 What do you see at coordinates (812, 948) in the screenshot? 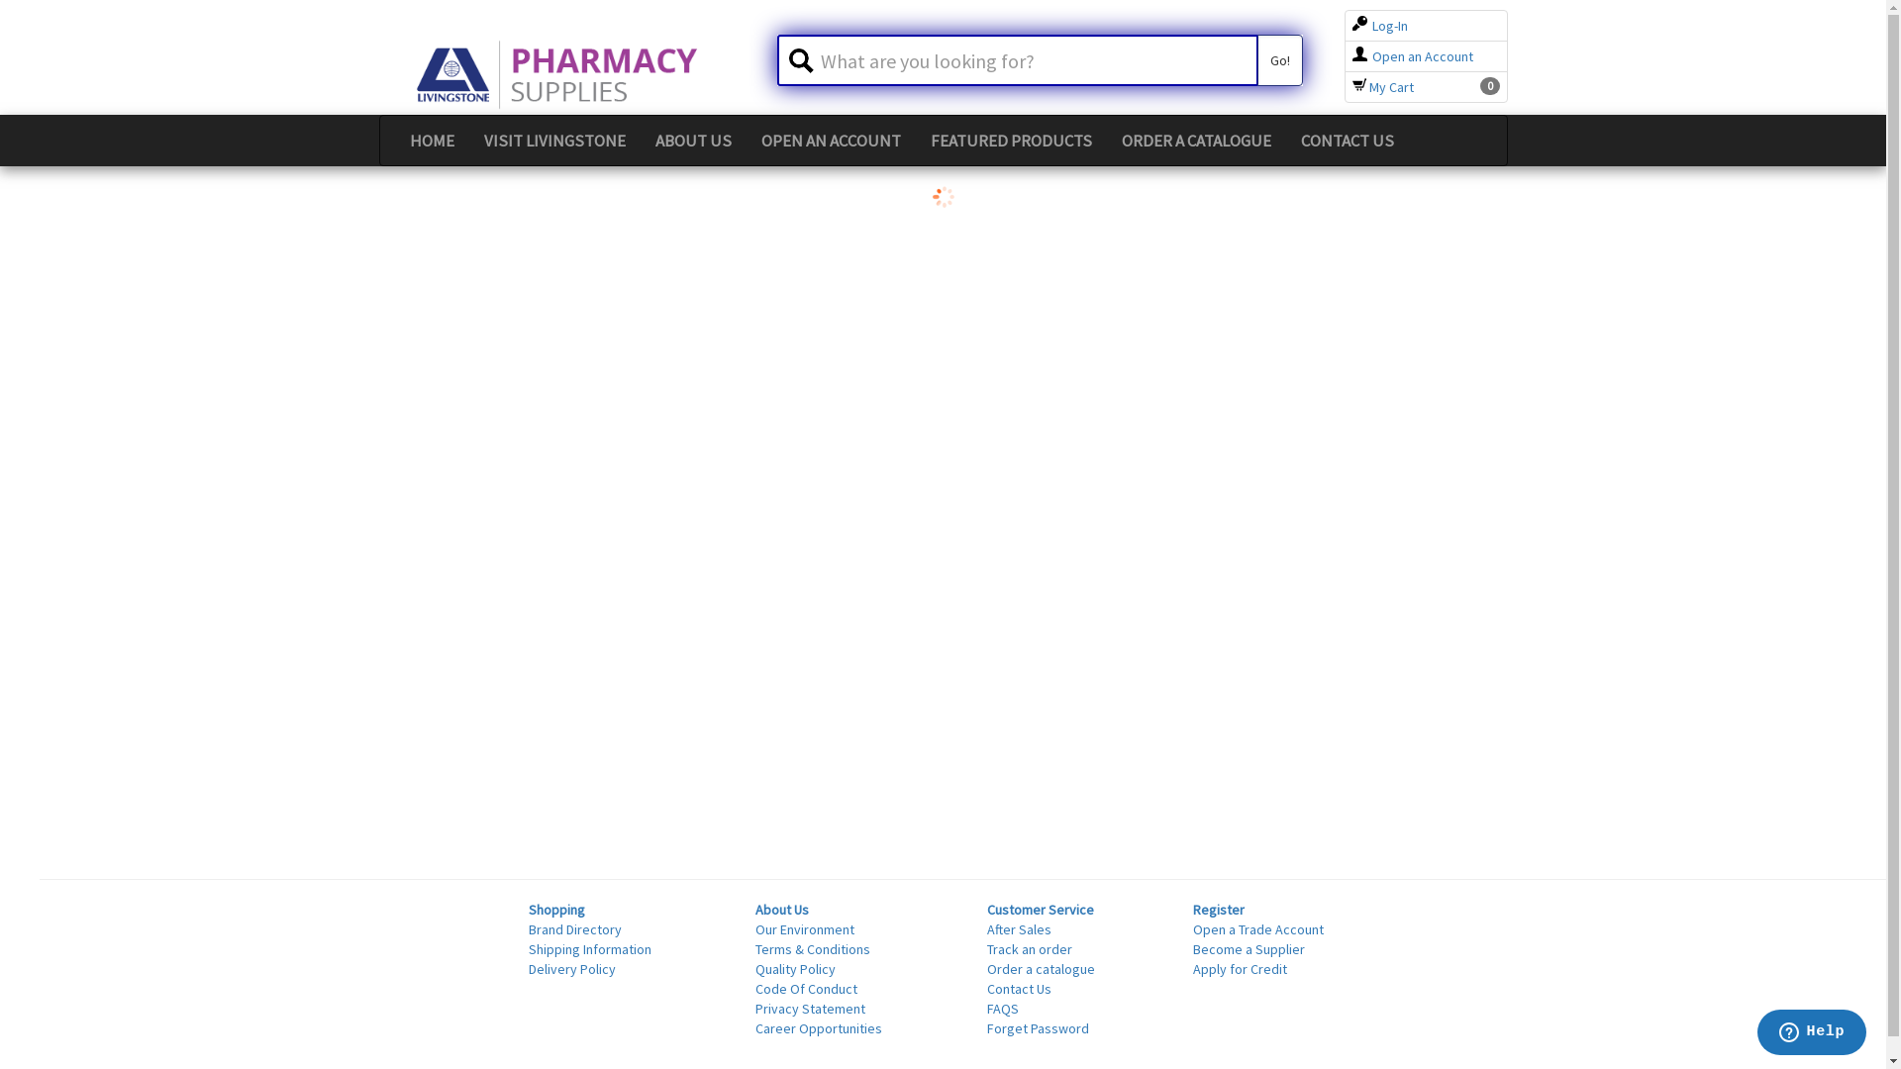
I see `'Terms & Conditions'` at bounding box center [812, 948].